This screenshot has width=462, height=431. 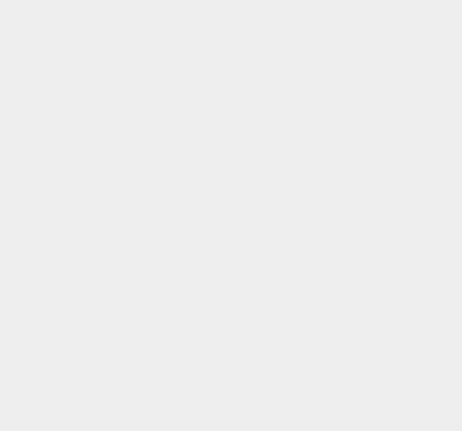 What do you see at coordinates (326, 182) in the screenshot?
I see `'Facebook Marketing'` at bounding box center [326, 182].